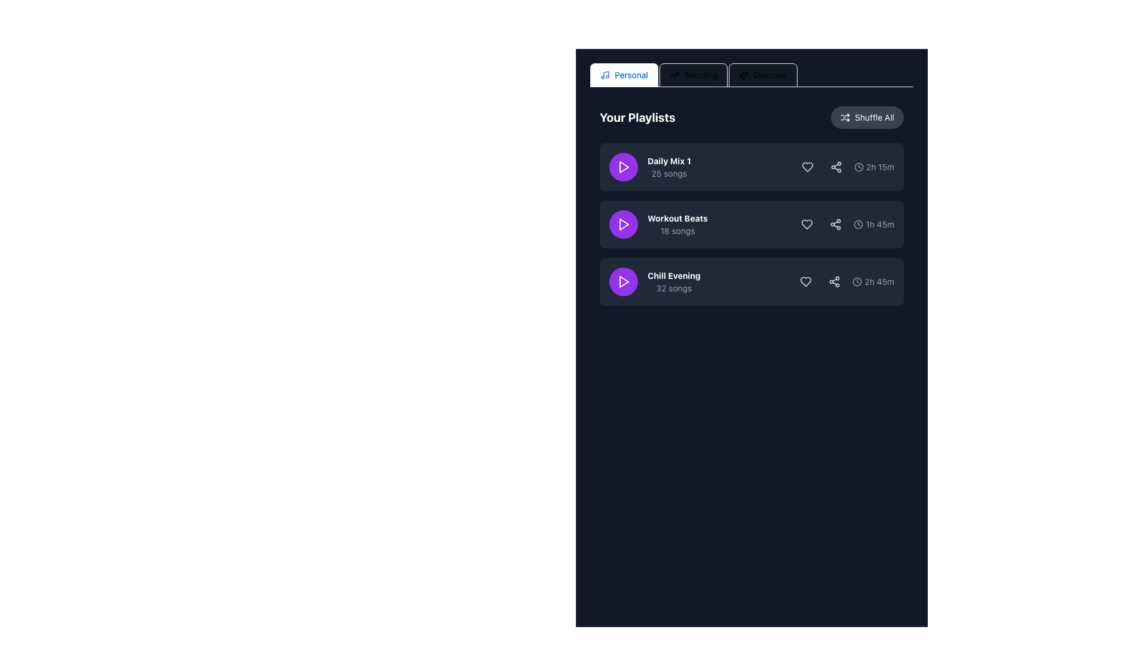  I want to click on the 'Workout Beats' text label, which describes a playlist and shows the number of songs it contains, positioned under the 'Your Playlists' section, so click(677, 224).